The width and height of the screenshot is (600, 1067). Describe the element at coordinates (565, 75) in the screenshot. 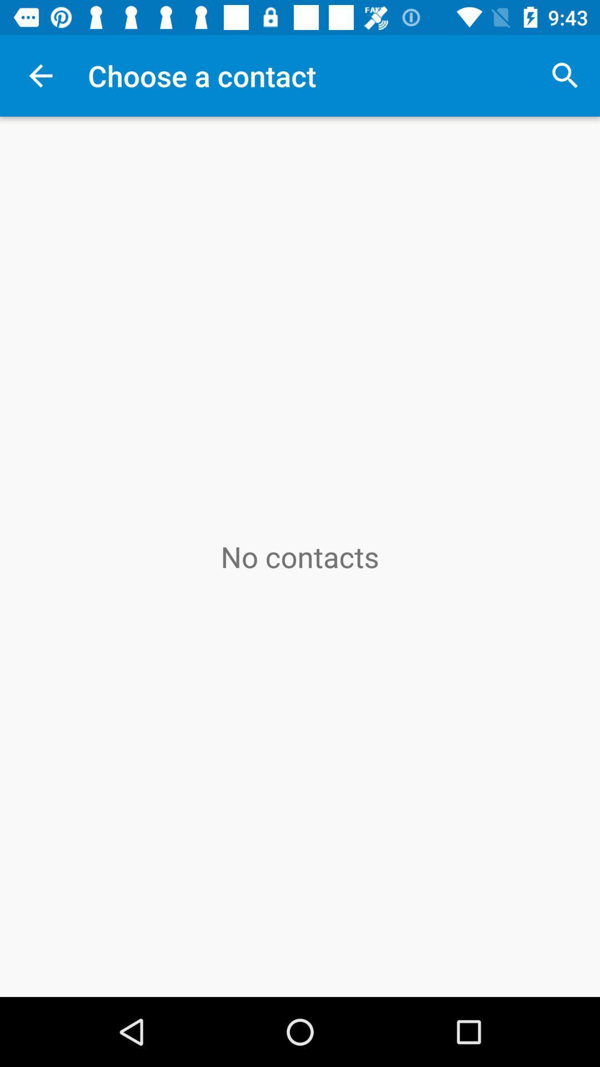

I see `item next to the choose a contact icon` at that location.